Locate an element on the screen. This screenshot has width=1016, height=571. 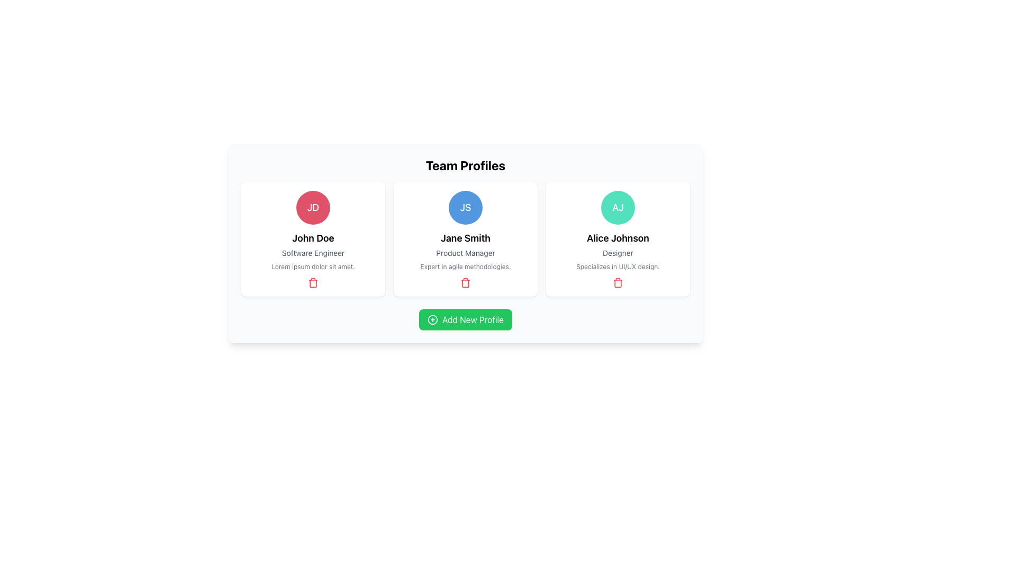
the text label displaying 'John Doe' in bold, located in the center of the profile card, positioned below the initials 'JD' and above 'Software Engineer' is located at coordinates (312, 238).